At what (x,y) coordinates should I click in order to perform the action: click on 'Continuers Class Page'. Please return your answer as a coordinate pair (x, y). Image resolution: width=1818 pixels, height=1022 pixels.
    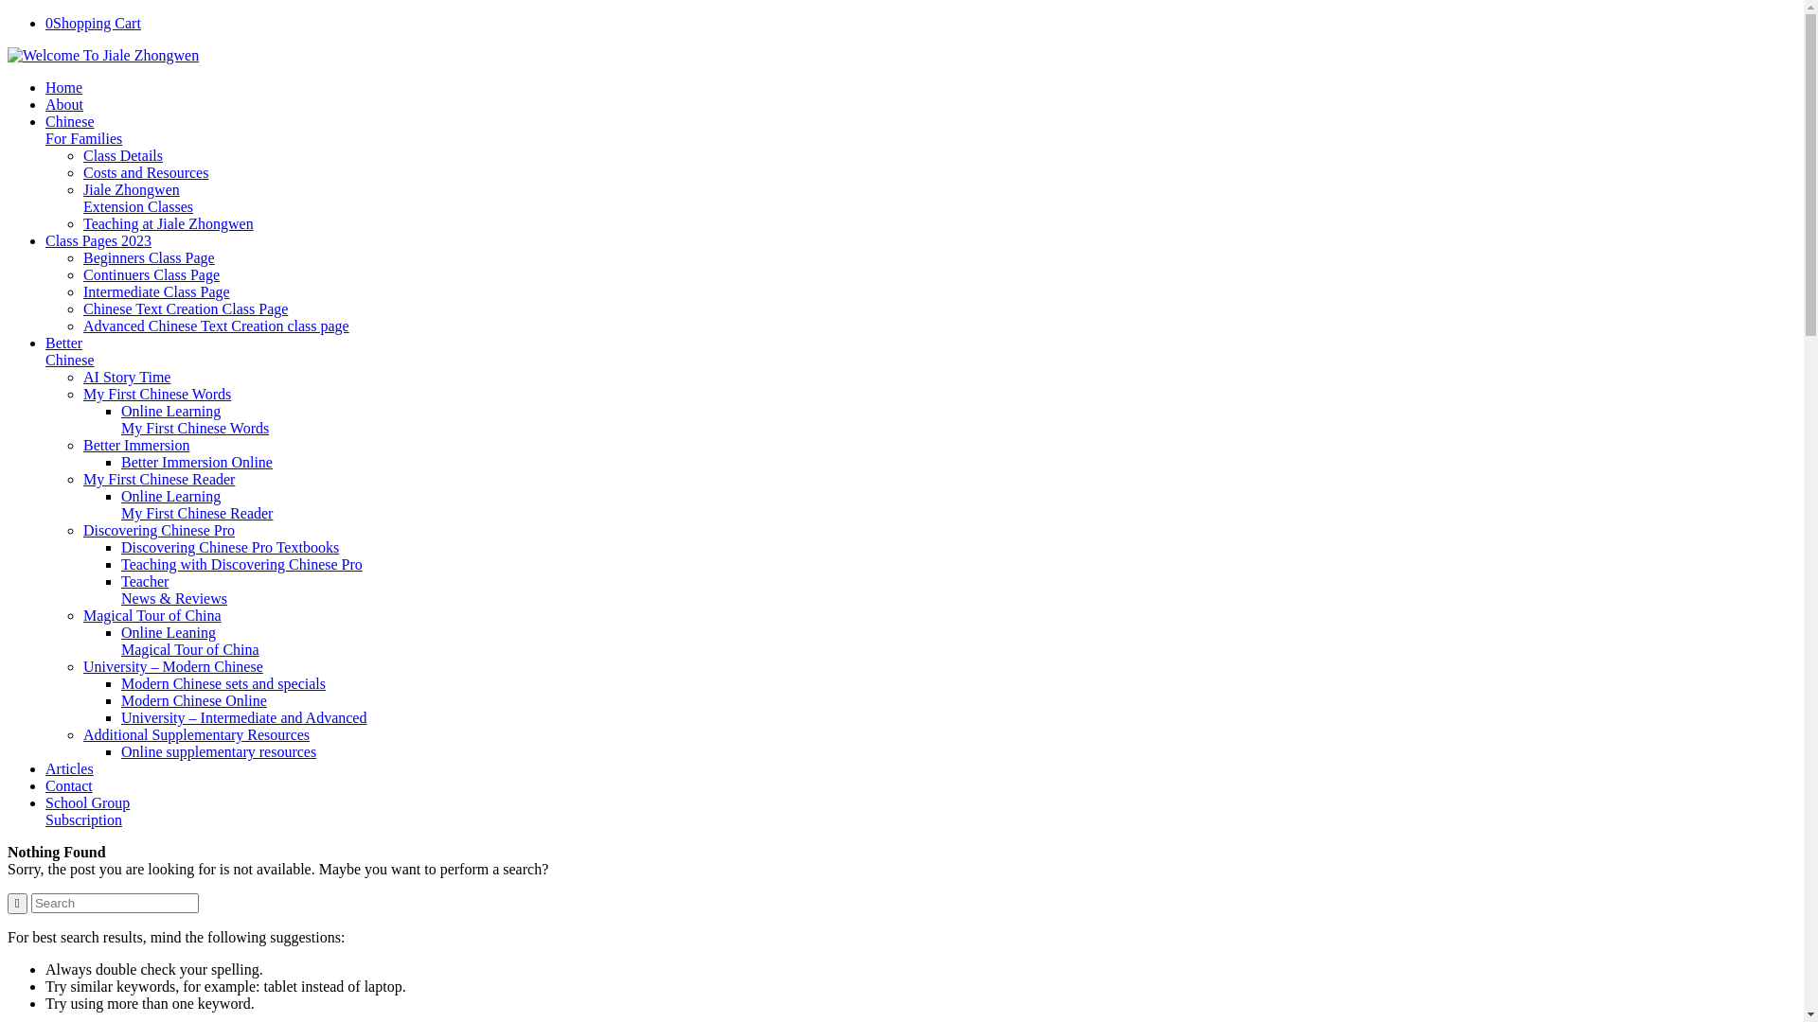
    Looking at the image, I should click on (81, 274).